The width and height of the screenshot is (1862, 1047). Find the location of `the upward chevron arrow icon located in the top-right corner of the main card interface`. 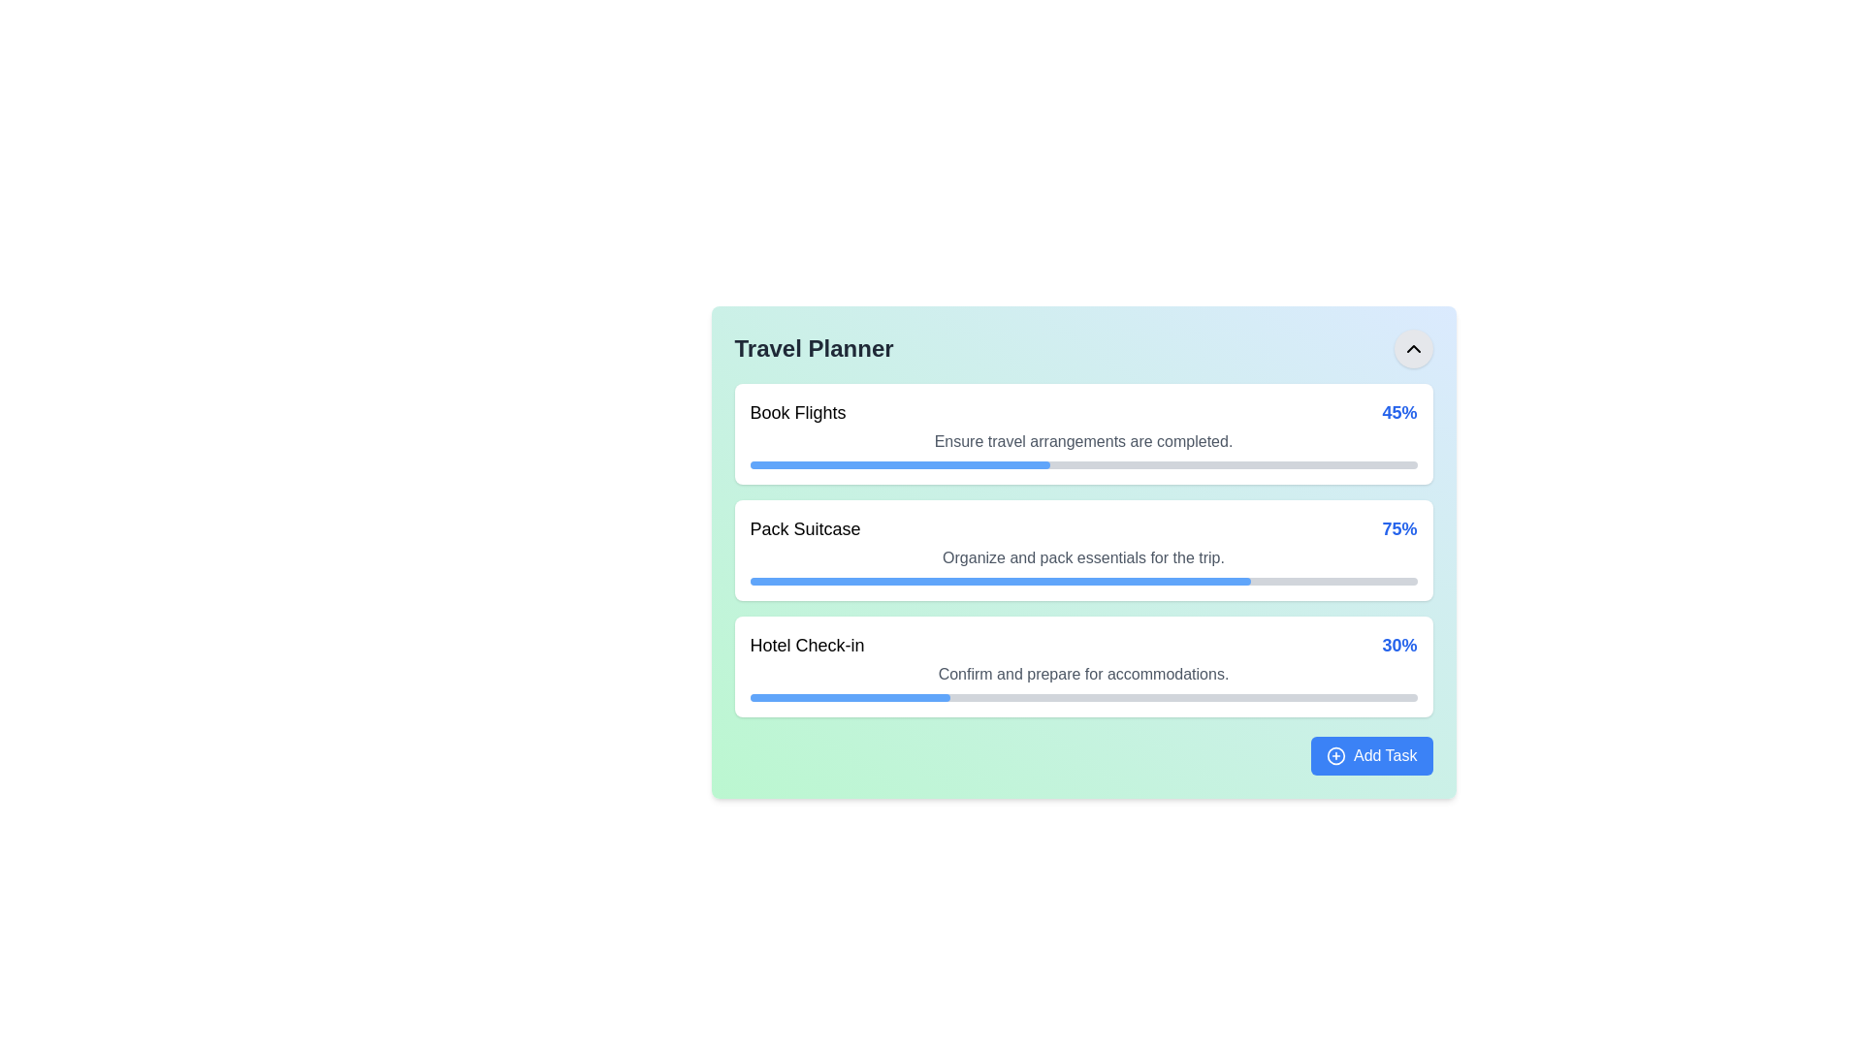

the upward chevron arrow icon located in the top-right corner of the main card interface is located at coordinates (1413, 347).